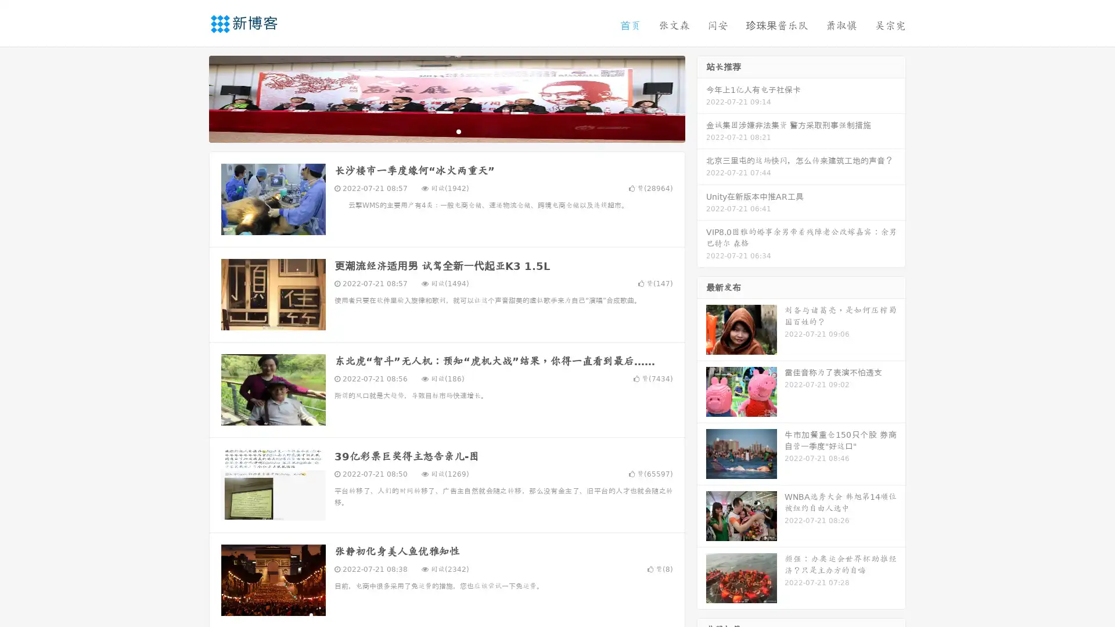  I want to click on Next slide, so click(702, 98).